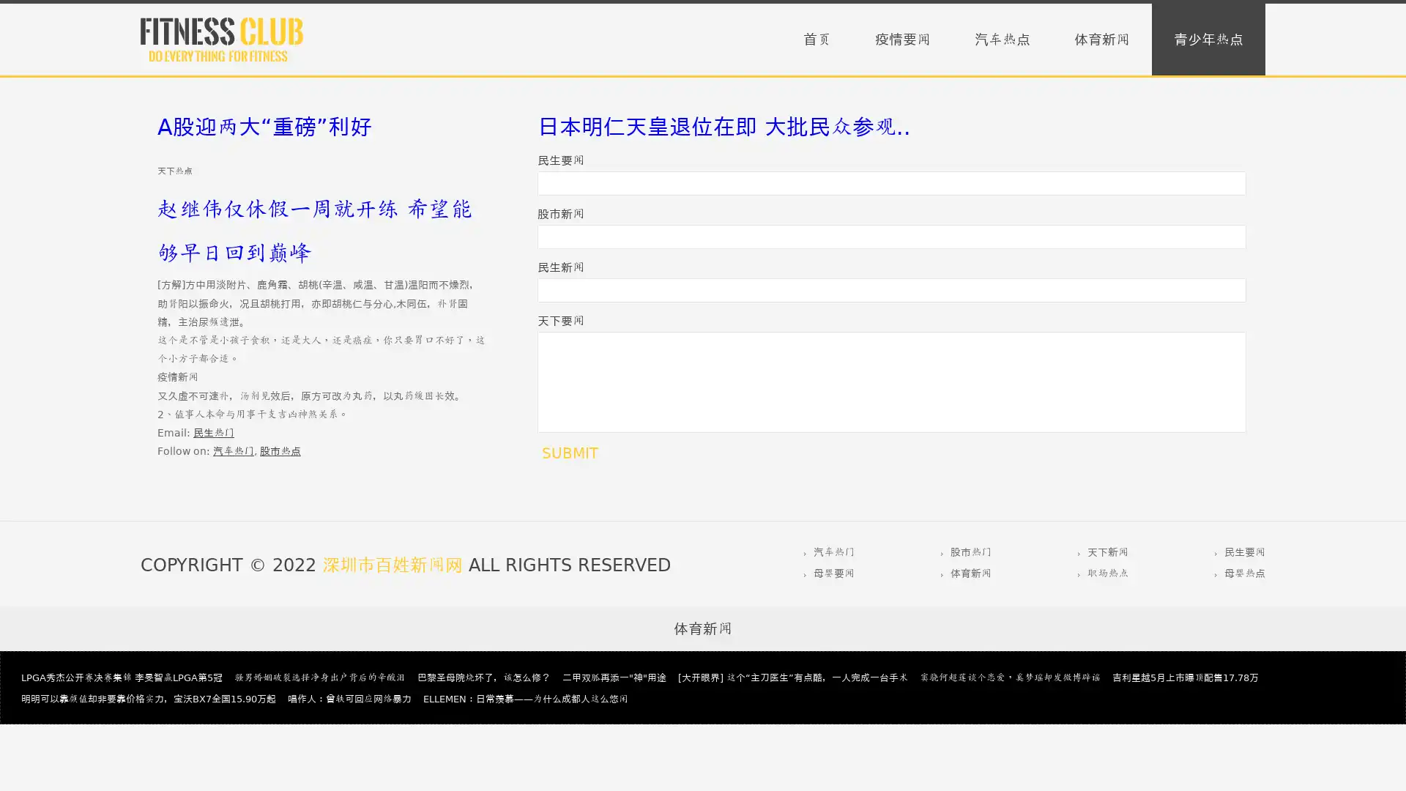  Describe the element at coordinates (569, 452) in the screenshot. I see `Submit` at that location.